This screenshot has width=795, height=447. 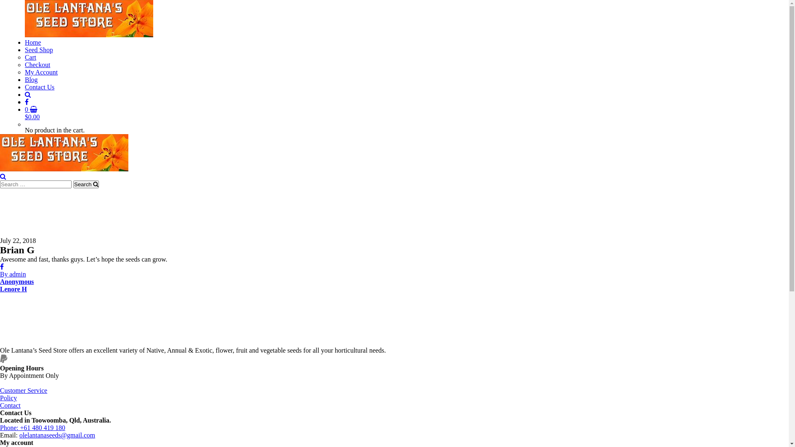 I want to click on 'Phone: +61 480 419 180', so click(x=32, y=428).